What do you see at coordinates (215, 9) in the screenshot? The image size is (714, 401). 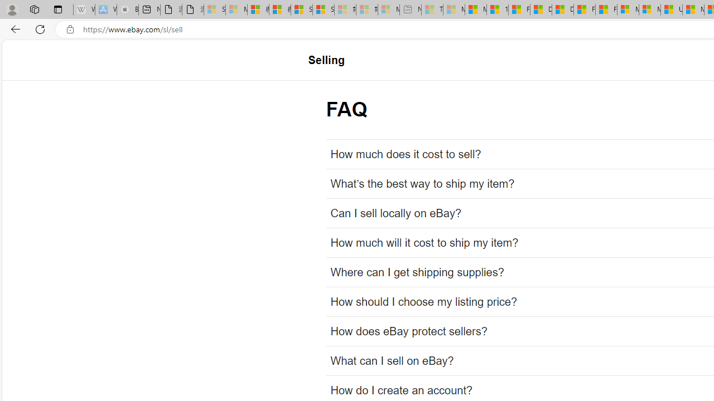 I see `'Sign in to your Microsoft account - Sleeping'` at bounding box center [215, 9].